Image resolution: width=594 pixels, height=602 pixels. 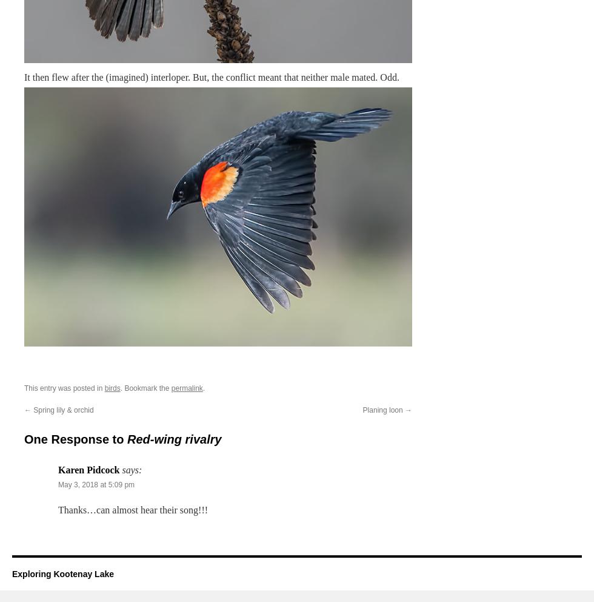 I want to click on 'One Response to', so click(x=76, y=438).